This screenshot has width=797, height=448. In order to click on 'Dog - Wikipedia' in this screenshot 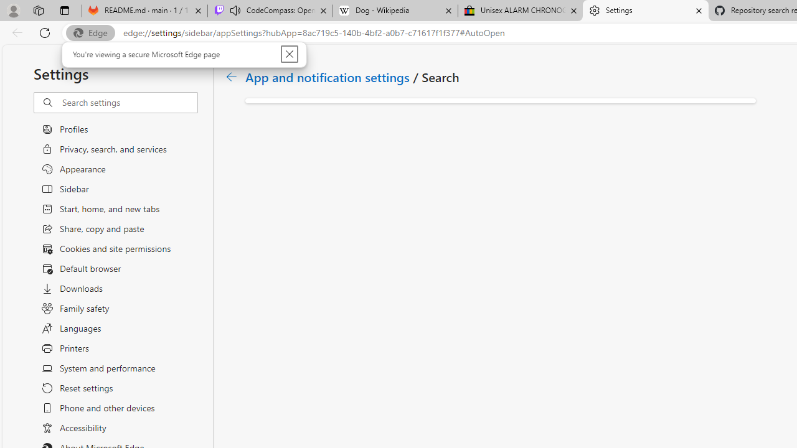, I will do `click(394, 11)`.